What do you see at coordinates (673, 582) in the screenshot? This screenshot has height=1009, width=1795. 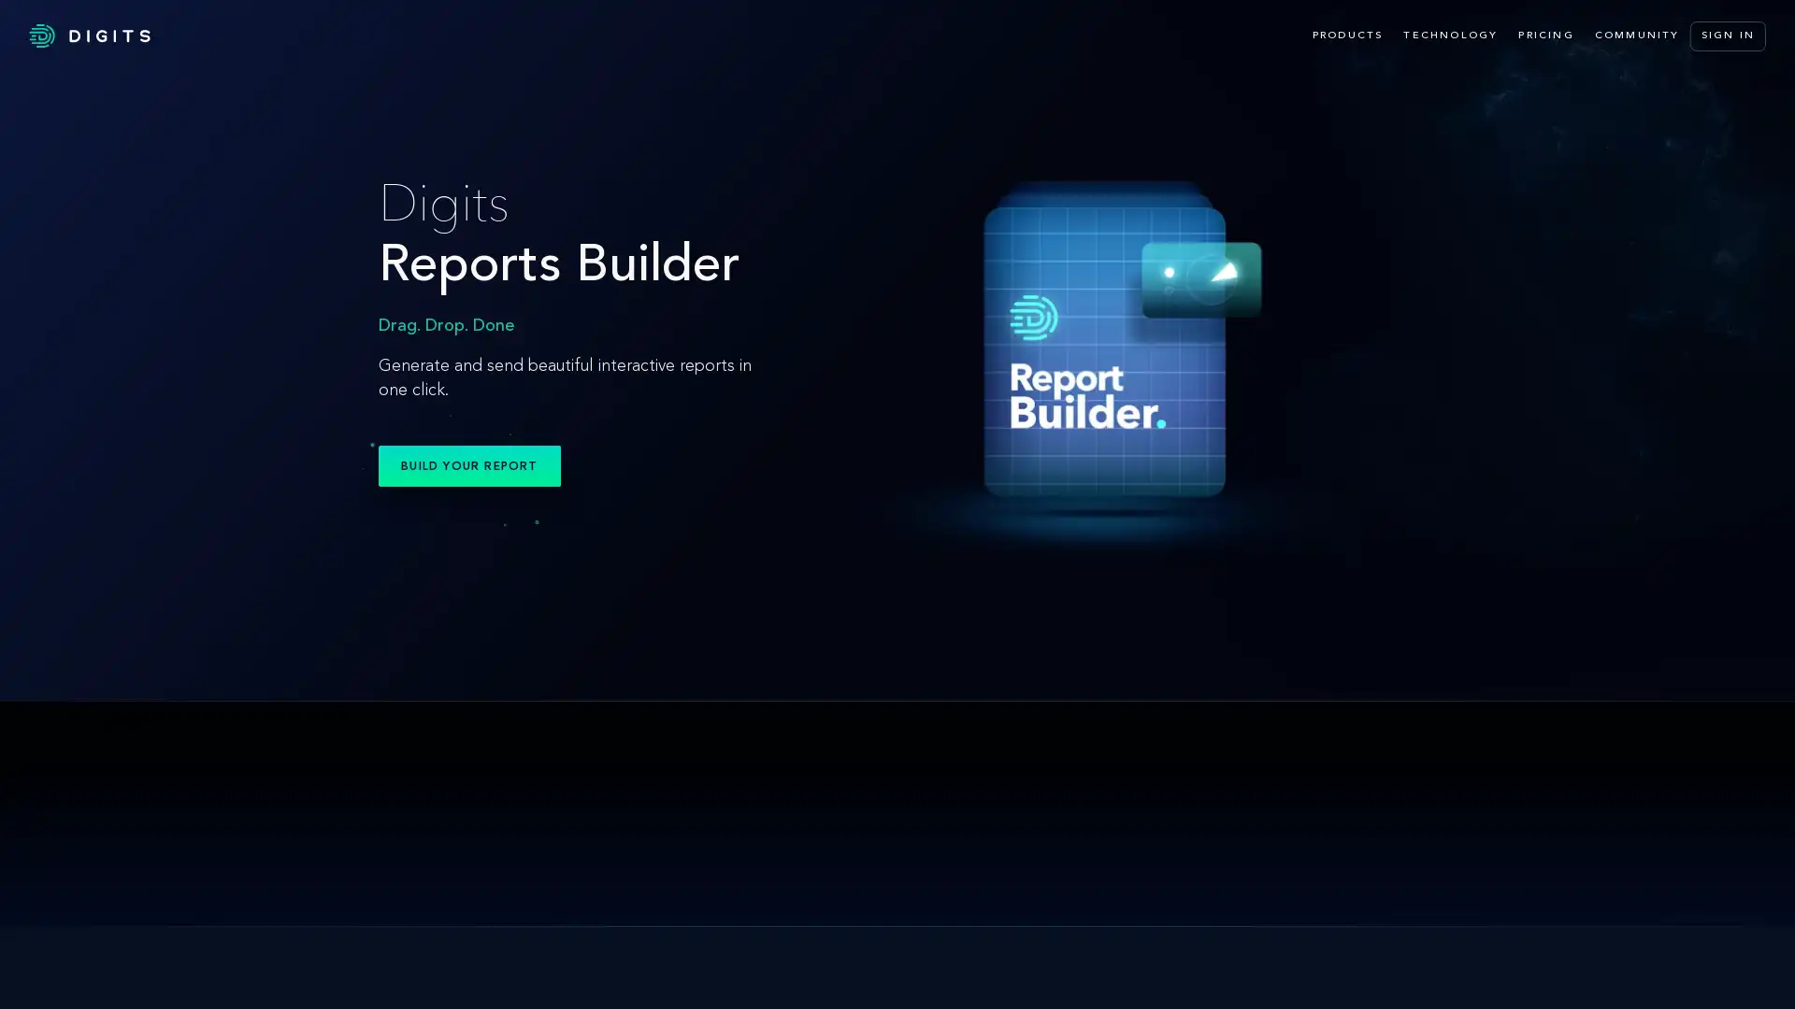 I see `Digits Reports` at bounding box center [673, 582].